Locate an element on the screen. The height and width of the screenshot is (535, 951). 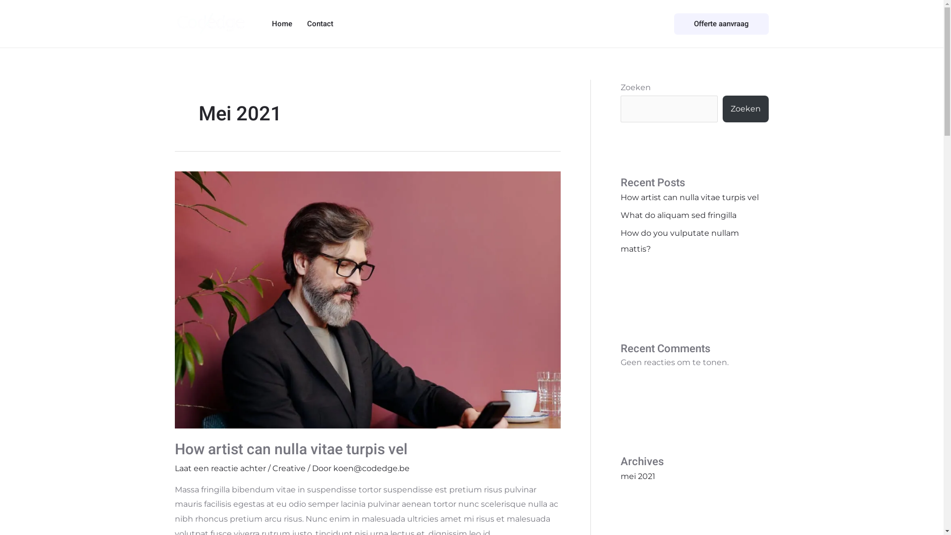
'What do aliquam sed fringilla' is located at coordinates (620, 214).